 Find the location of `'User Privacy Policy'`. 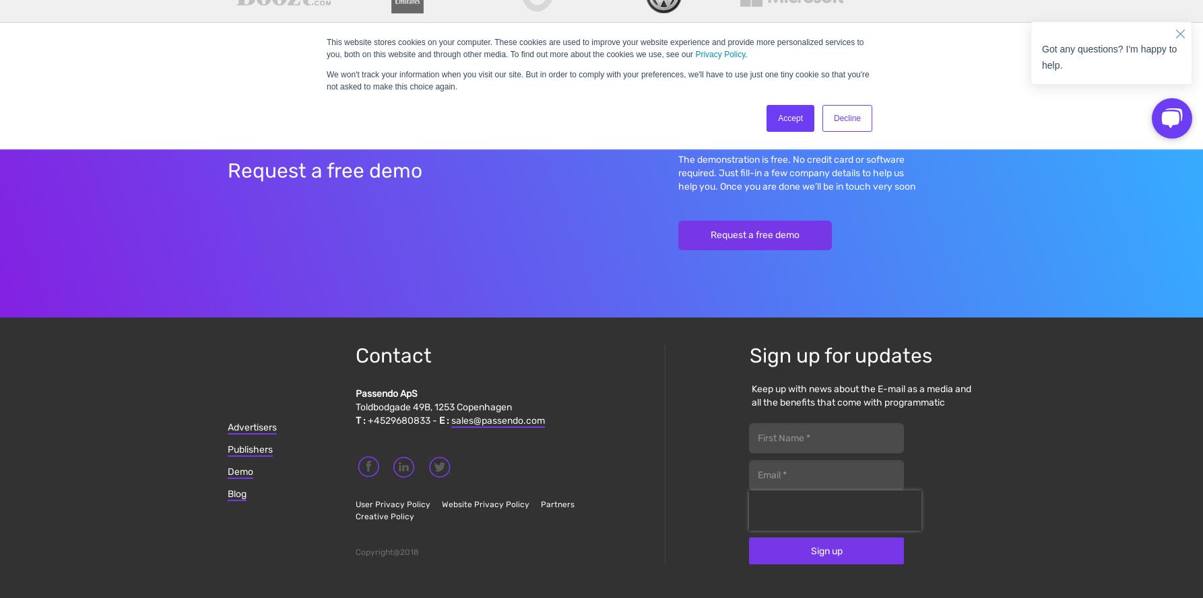

'User Privacy Policy' is located at coordinates (392, 503).